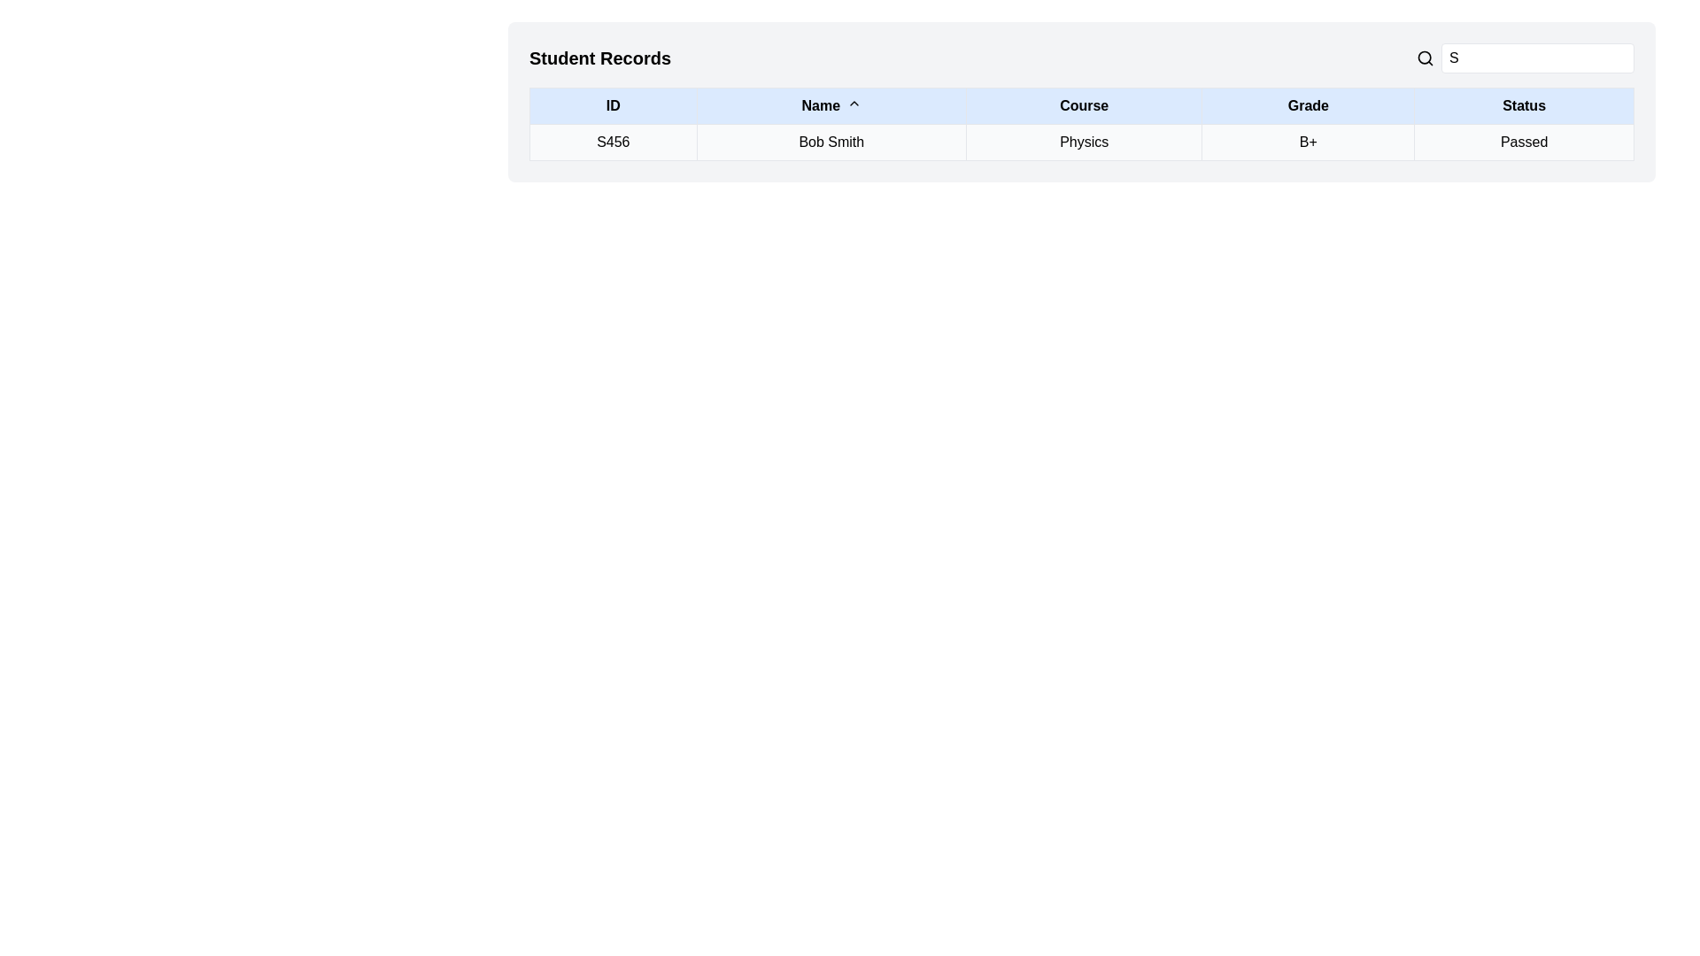  What do you see at coordinates (1308, 142) in the screenshot?
I see `the Text label displaying 'B+' for student Bob Smith in the Physics course located in the 'Grade' column of the table` at bounding box center [1308, 142].